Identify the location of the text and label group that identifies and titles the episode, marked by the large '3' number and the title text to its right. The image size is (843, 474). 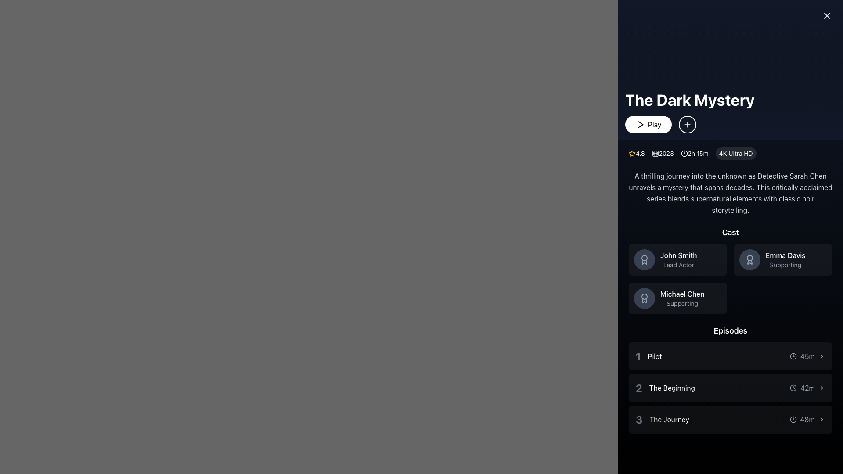
(662, 419).